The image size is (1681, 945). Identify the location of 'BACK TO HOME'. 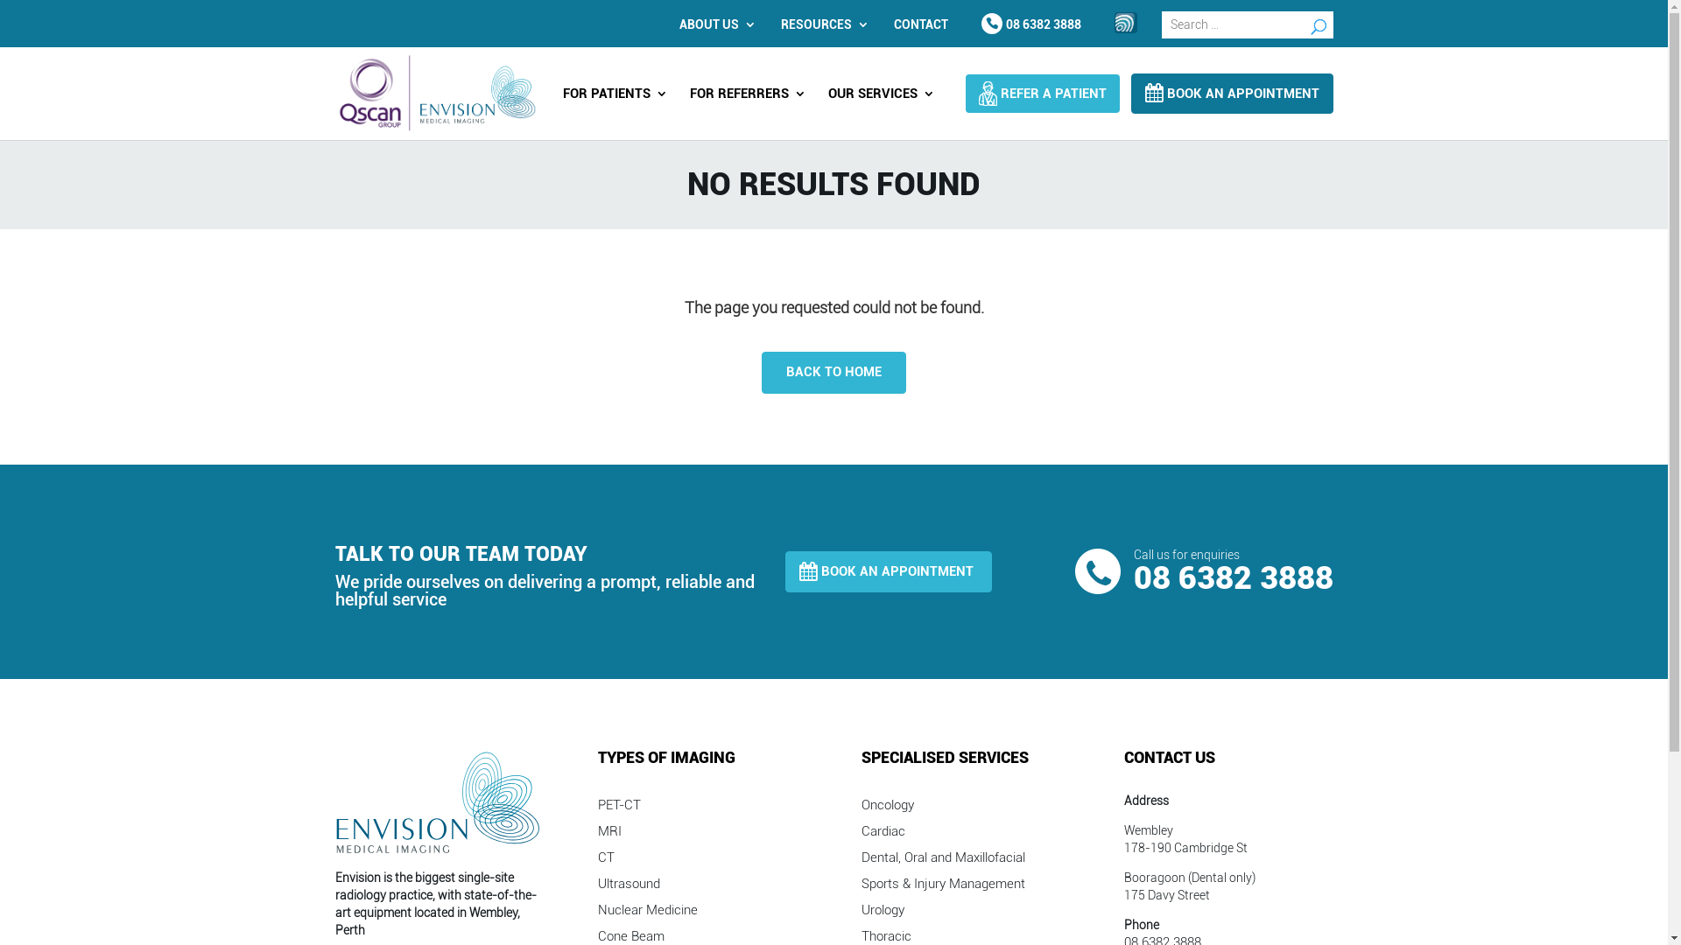
(761, 371).